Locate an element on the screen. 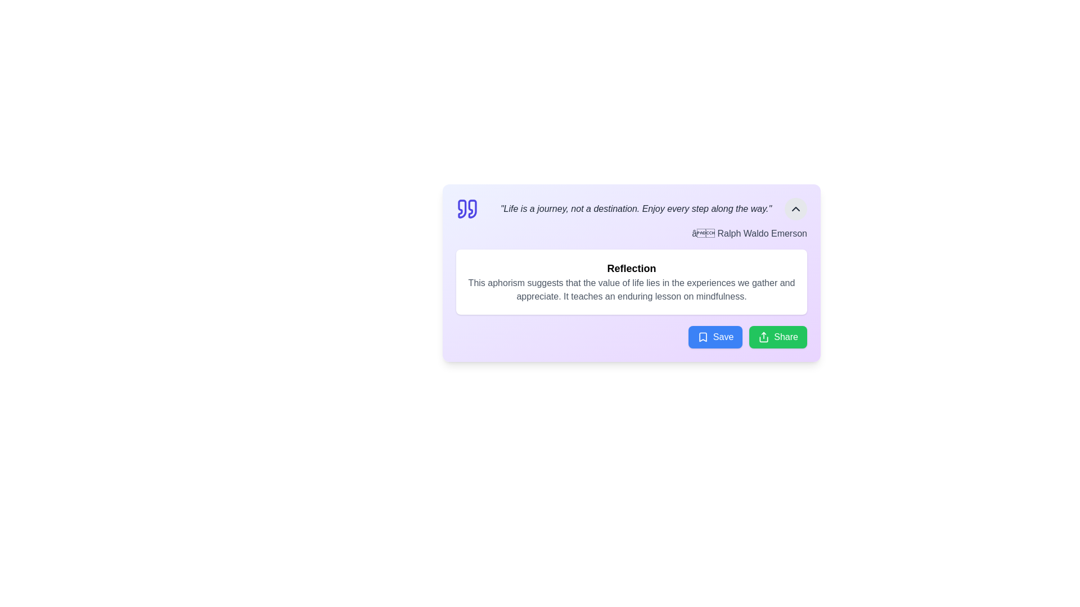 The height and width of the screenshot is (607, 1080). the share icon located inside the green 'Share' button at the bottom right of the card interface is located at coordinates (764, 337).